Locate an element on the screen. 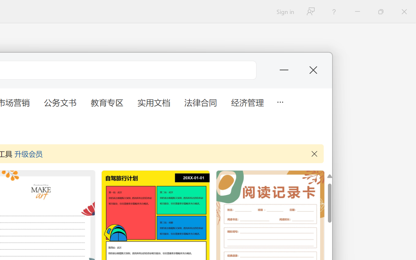 The height and width of the screenshot is (260, 416). '5 more tabs' is located at coordinates (280, 101).